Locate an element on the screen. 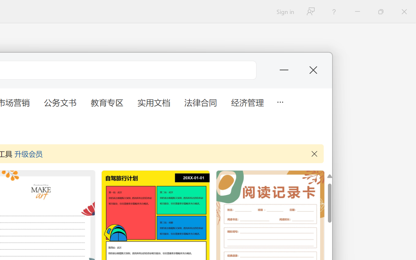 The height and width of the screenshot is (260, 416). '5 more tabs' is located at coordinates (280, 101).